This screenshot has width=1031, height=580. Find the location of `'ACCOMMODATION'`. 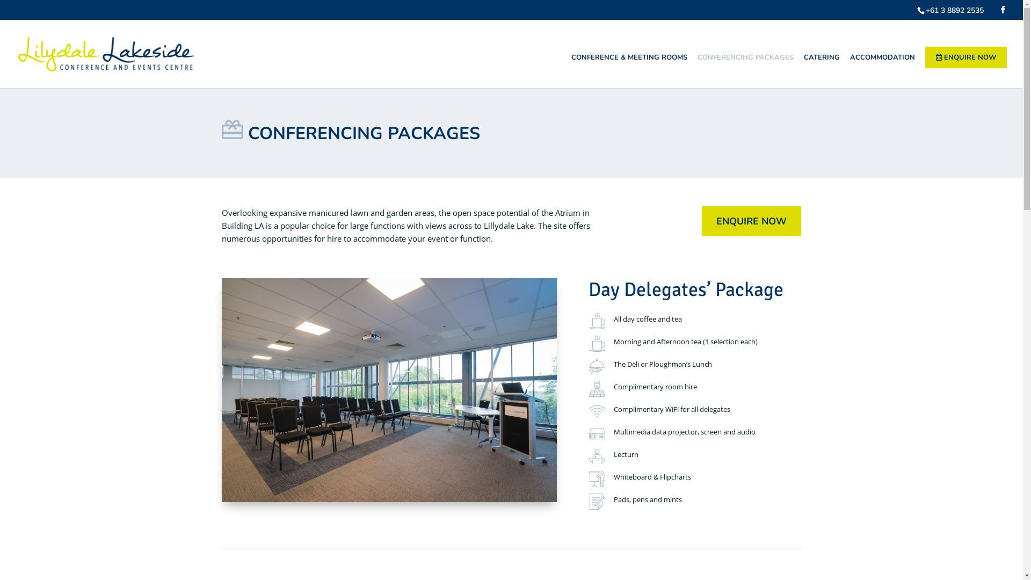

'ACCOMMODATION' is located at coordinates (882, 70).